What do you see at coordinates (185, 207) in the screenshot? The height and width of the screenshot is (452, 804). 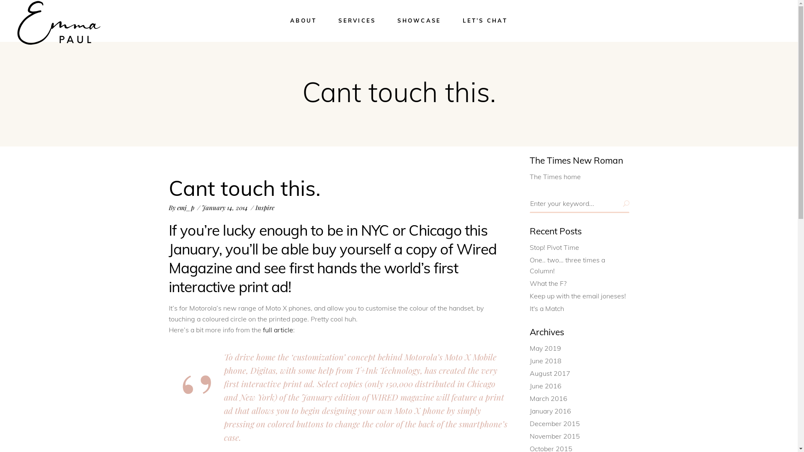 I see `'emj_p'` at bounding box center [185, 207].